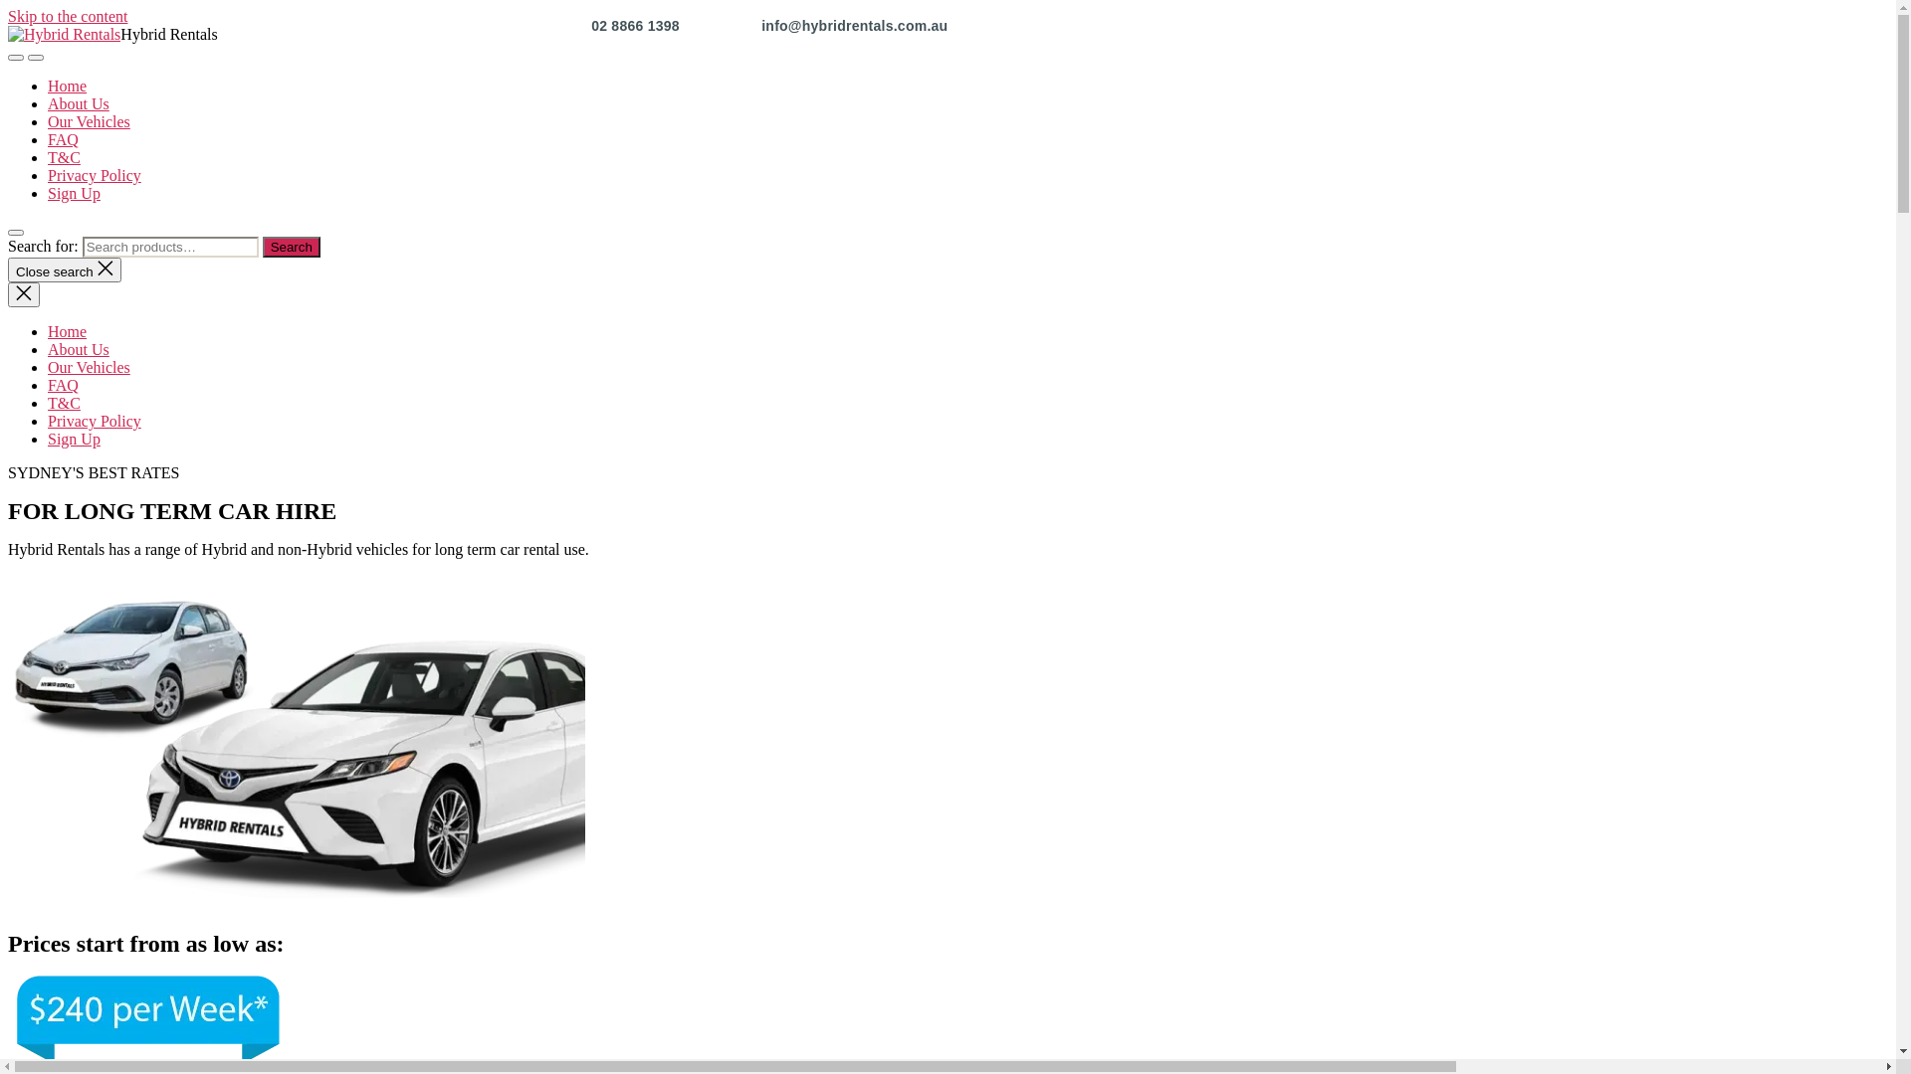 The image size is (1911, 1074). I want to click on 'About Us', so click(78, 103).